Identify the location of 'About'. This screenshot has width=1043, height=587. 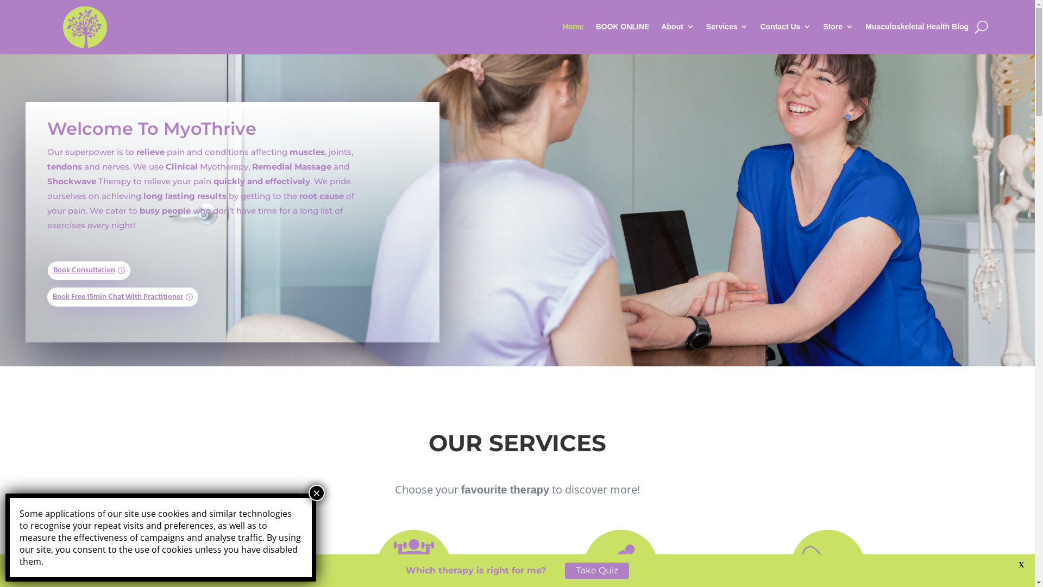
(661, 26).